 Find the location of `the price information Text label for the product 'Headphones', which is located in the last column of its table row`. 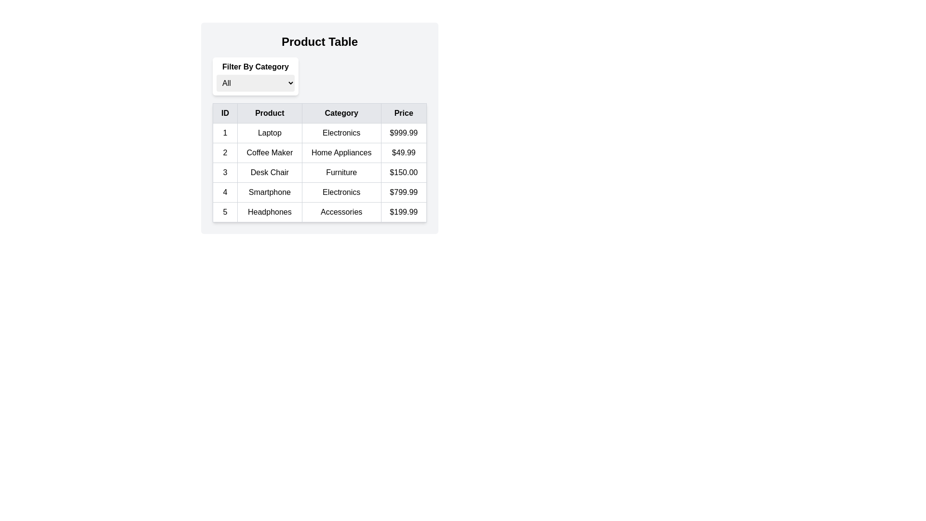

the price information Text label for the product 'Headphones', which is located in the last column of its table row is located at coordinates (404, 211).